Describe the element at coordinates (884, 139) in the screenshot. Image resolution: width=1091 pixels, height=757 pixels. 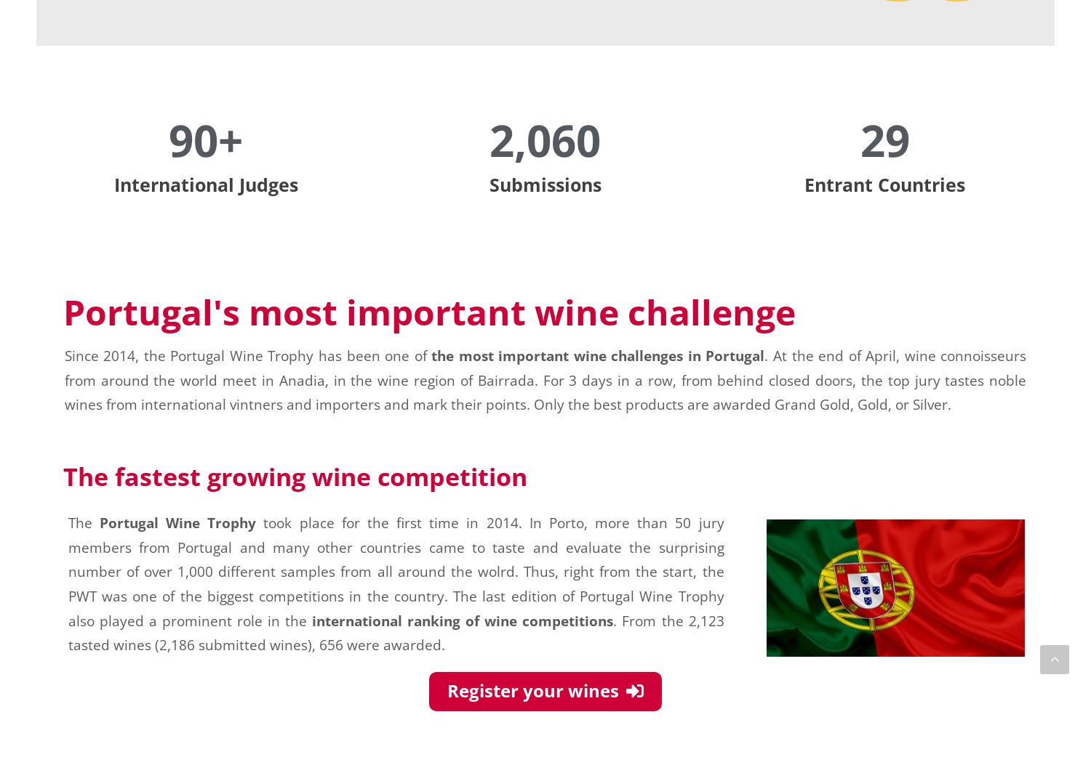
I see `'29'` at that location.